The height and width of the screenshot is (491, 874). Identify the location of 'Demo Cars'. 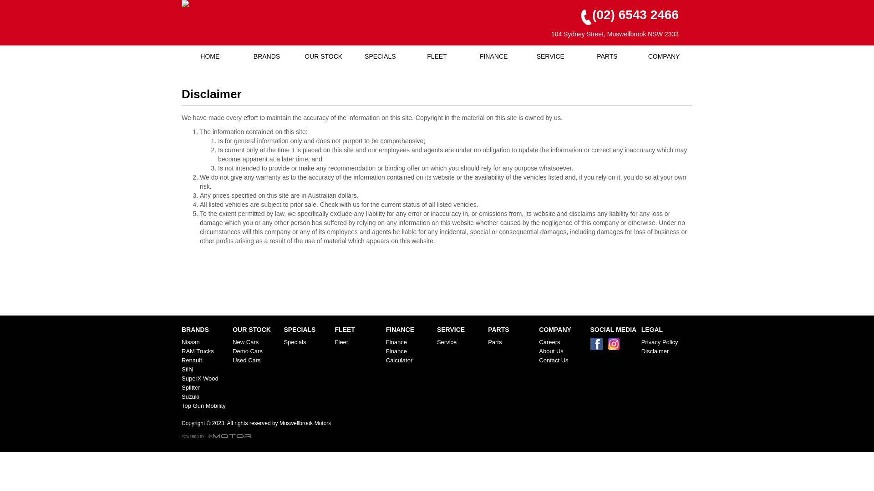
(255, 351).